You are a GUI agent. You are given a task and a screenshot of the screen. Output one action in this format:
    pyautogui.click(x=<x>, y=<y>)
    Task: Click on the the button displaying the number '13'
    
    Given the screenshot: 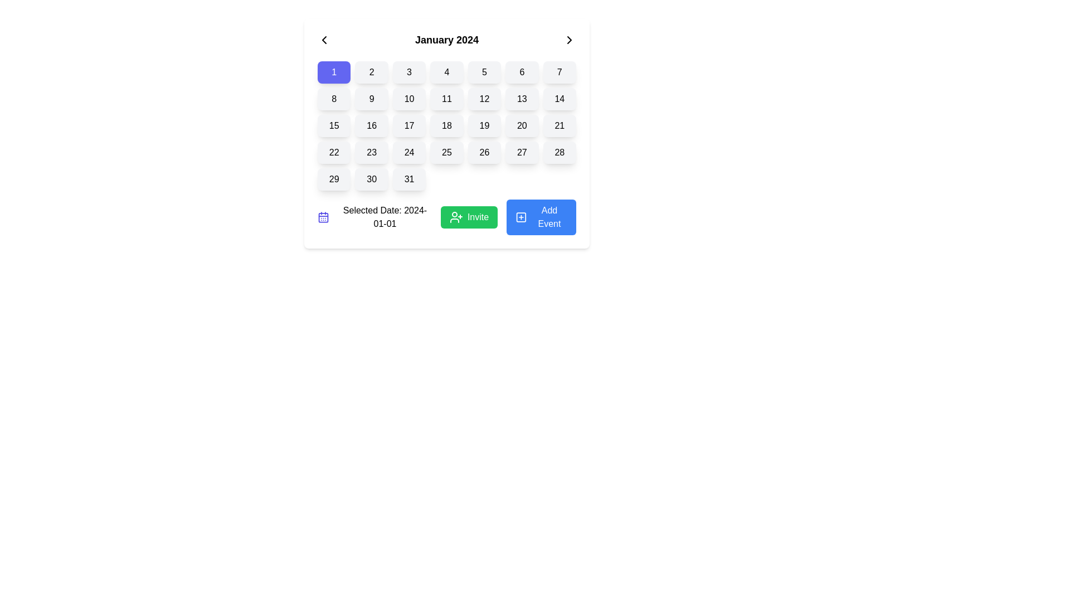 What is the action you would take?
    pyautogui.click(x=521, y=98)
    